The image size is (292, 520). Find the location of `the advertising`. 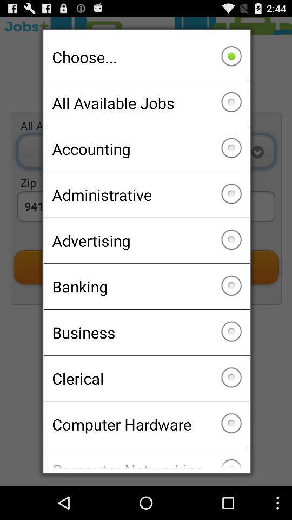

the advertising is located at coordinates (146, 240).